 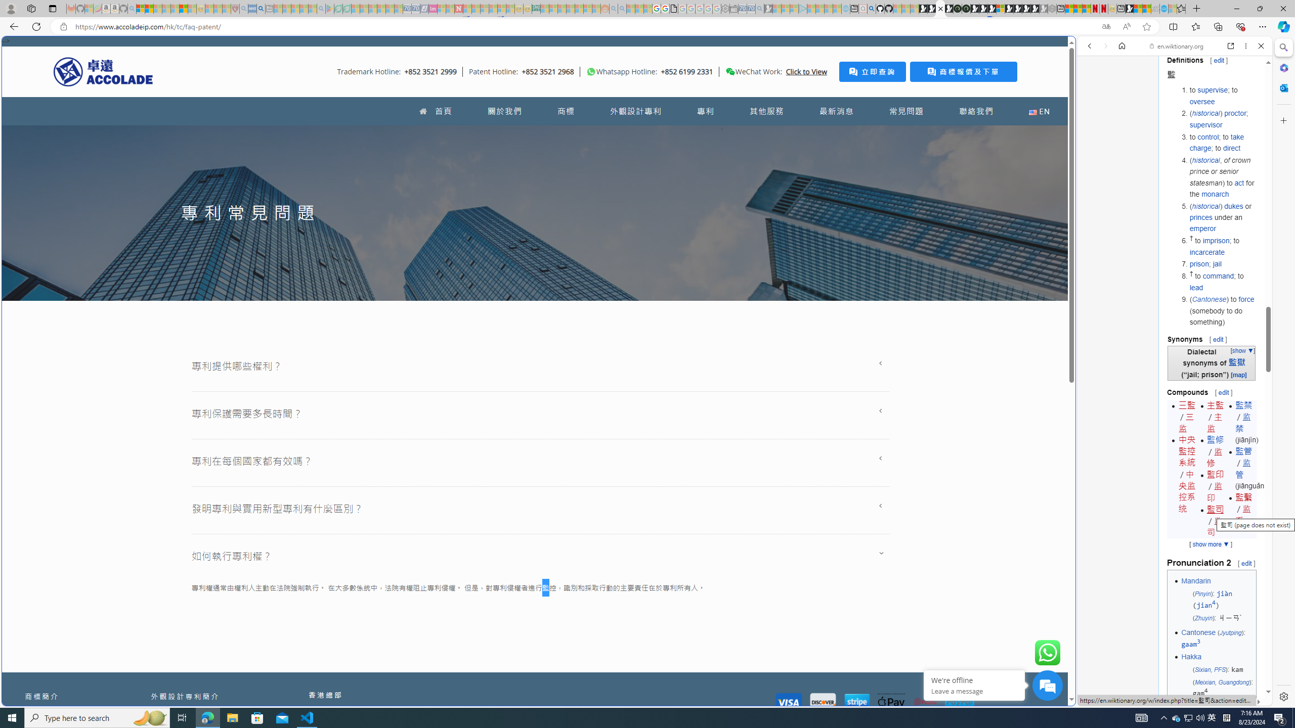 I want to click on 'Hakka(Sixian, PFS): kam(Meixian, Guangdong): gam4', so click(x=1217, y=674).